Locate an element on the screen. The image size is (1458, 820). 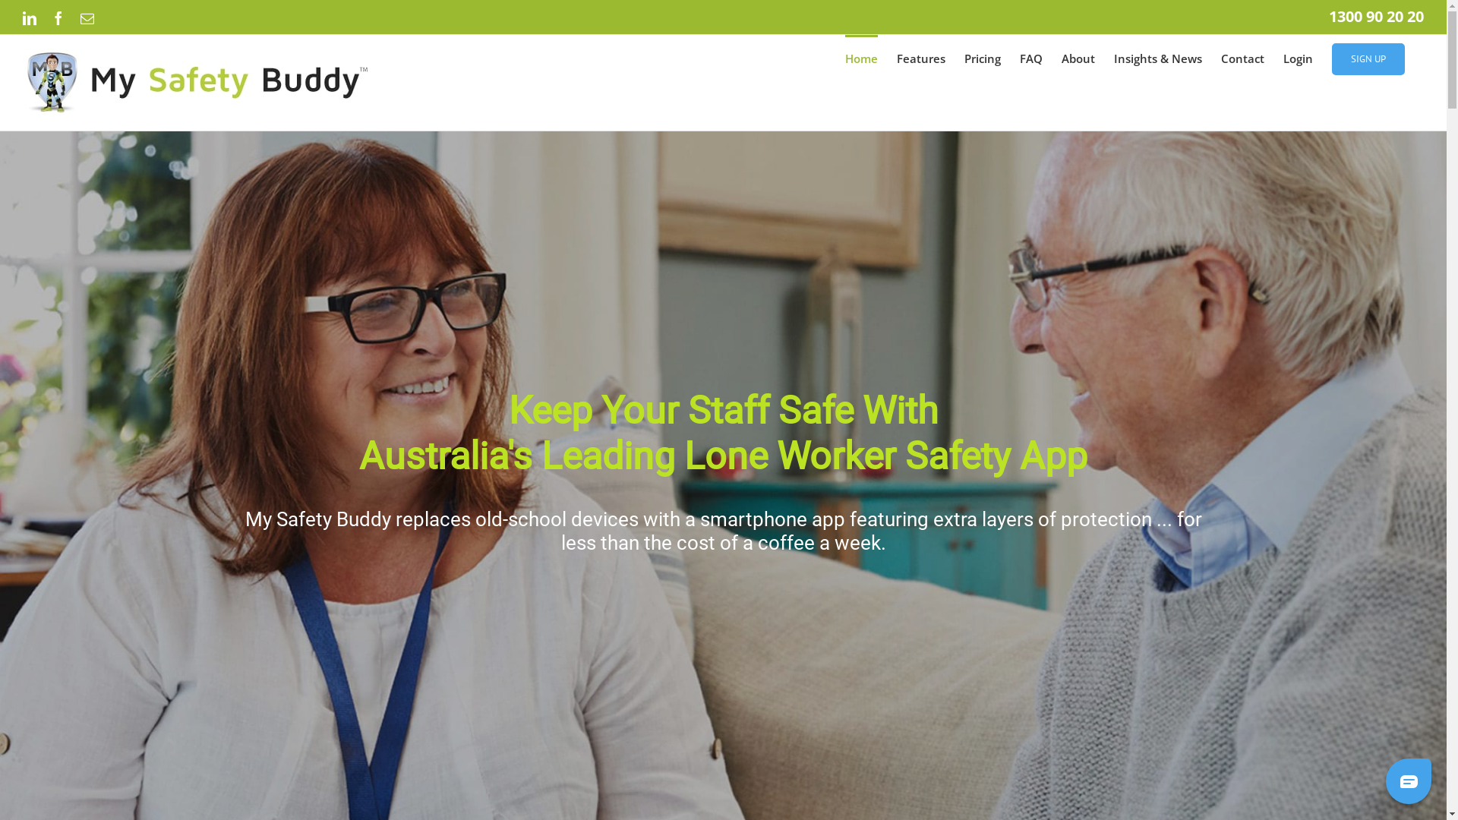
'Pricing' is located at coordinates (983, 57).